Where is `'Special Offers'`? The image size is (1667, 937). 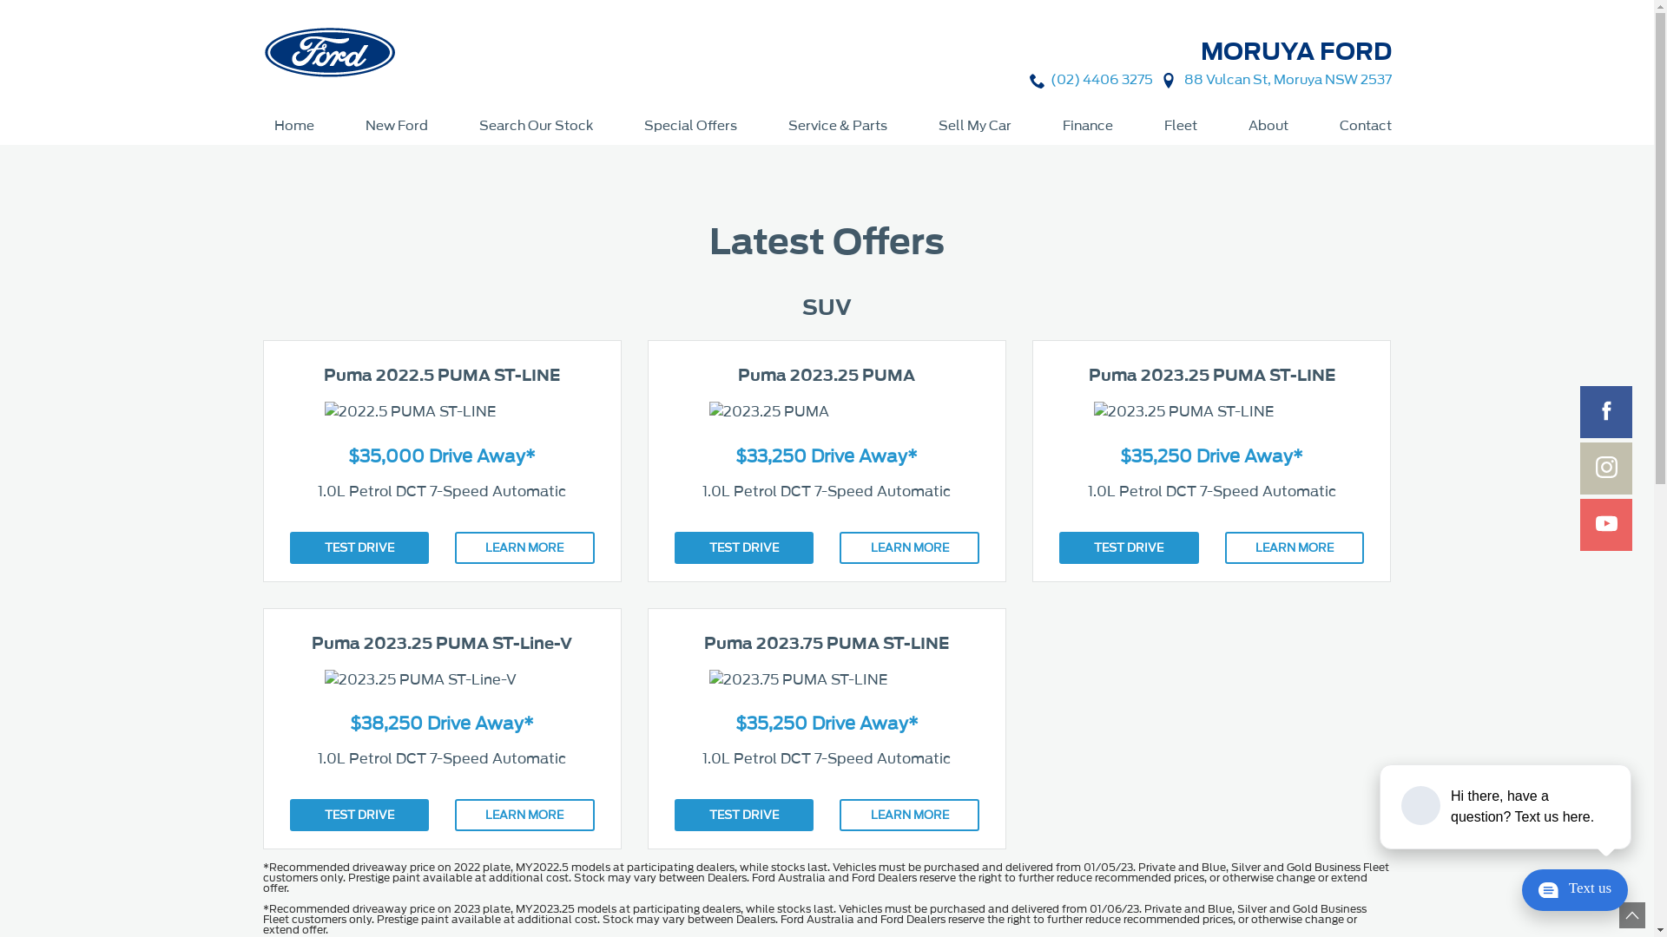 'Special Offers' is located at coordinates (689, 125).